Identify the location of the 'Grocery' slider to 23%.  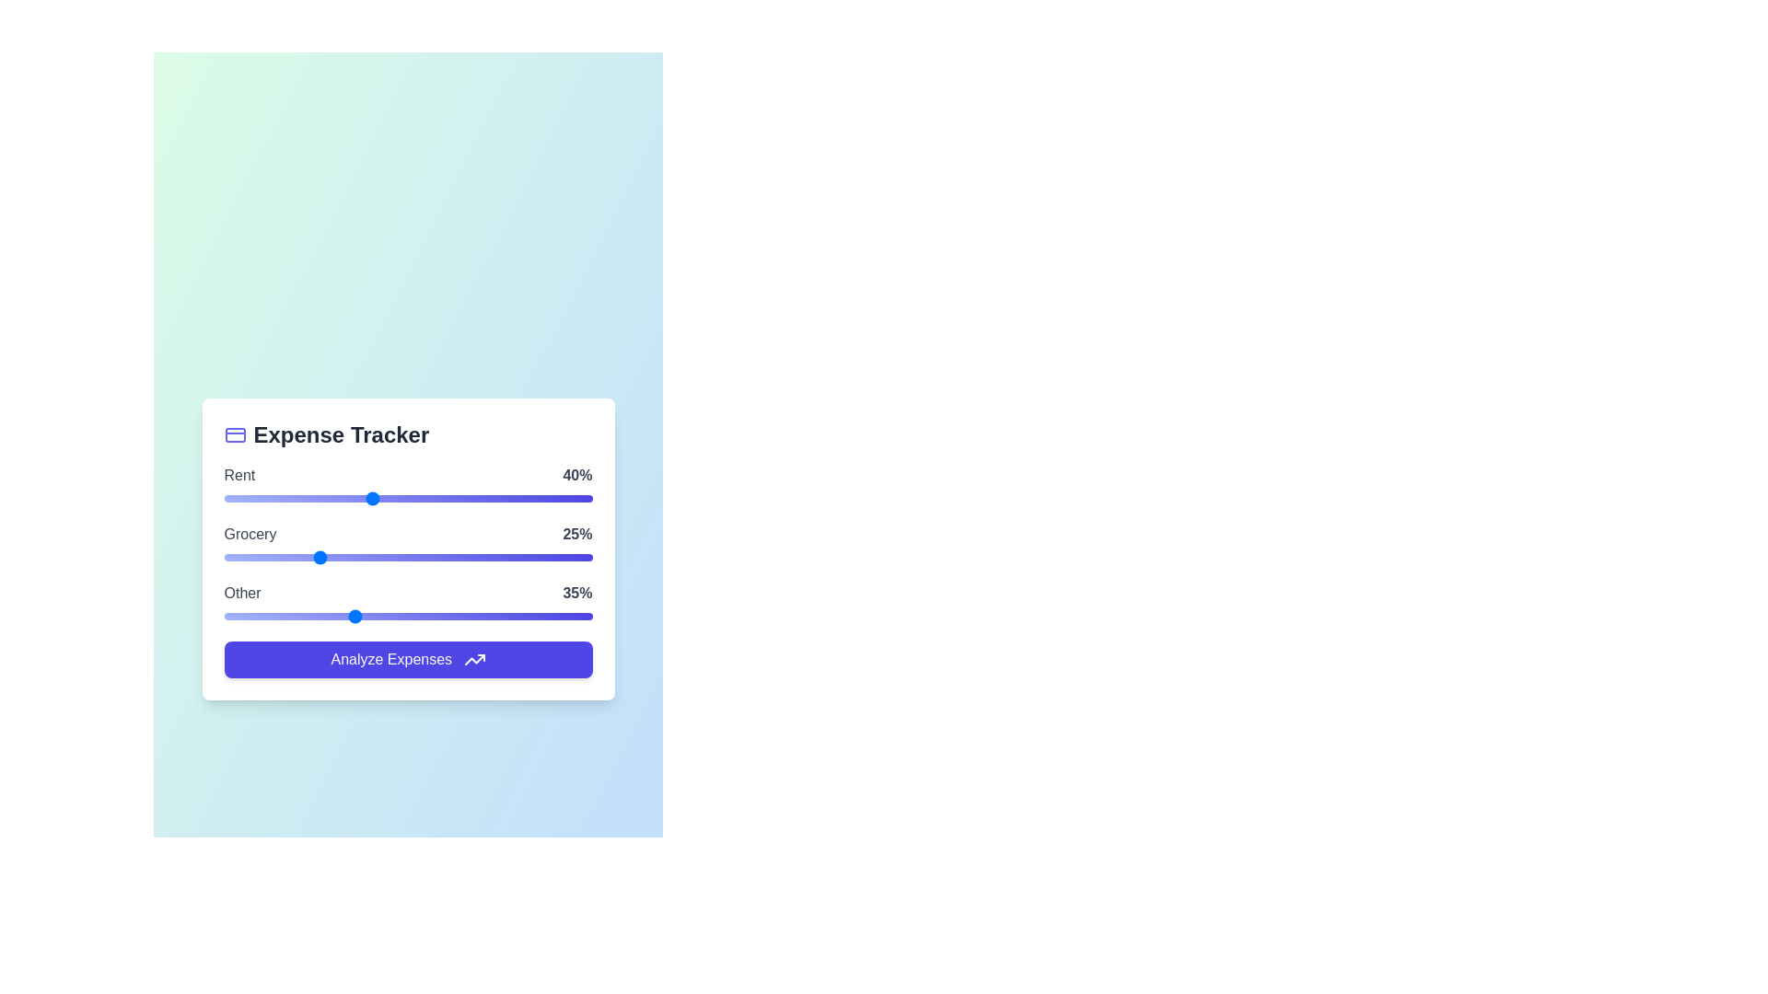
(308, 556).